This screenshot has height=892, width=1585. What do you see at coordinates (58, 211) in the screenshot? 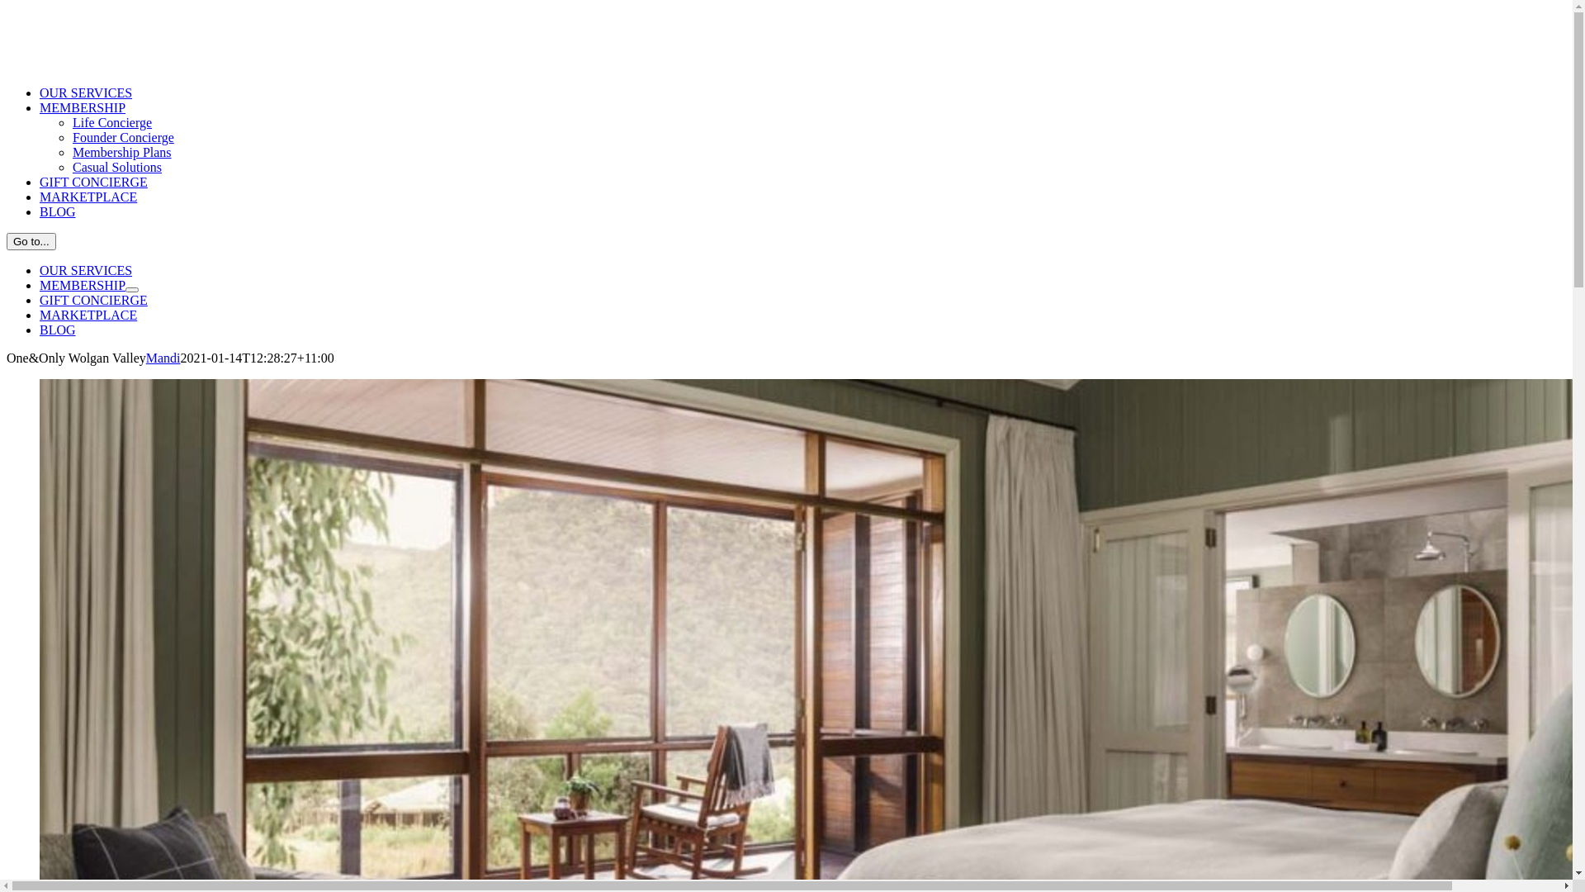
I see `'BLOG'` at bounding box center [58, 211].